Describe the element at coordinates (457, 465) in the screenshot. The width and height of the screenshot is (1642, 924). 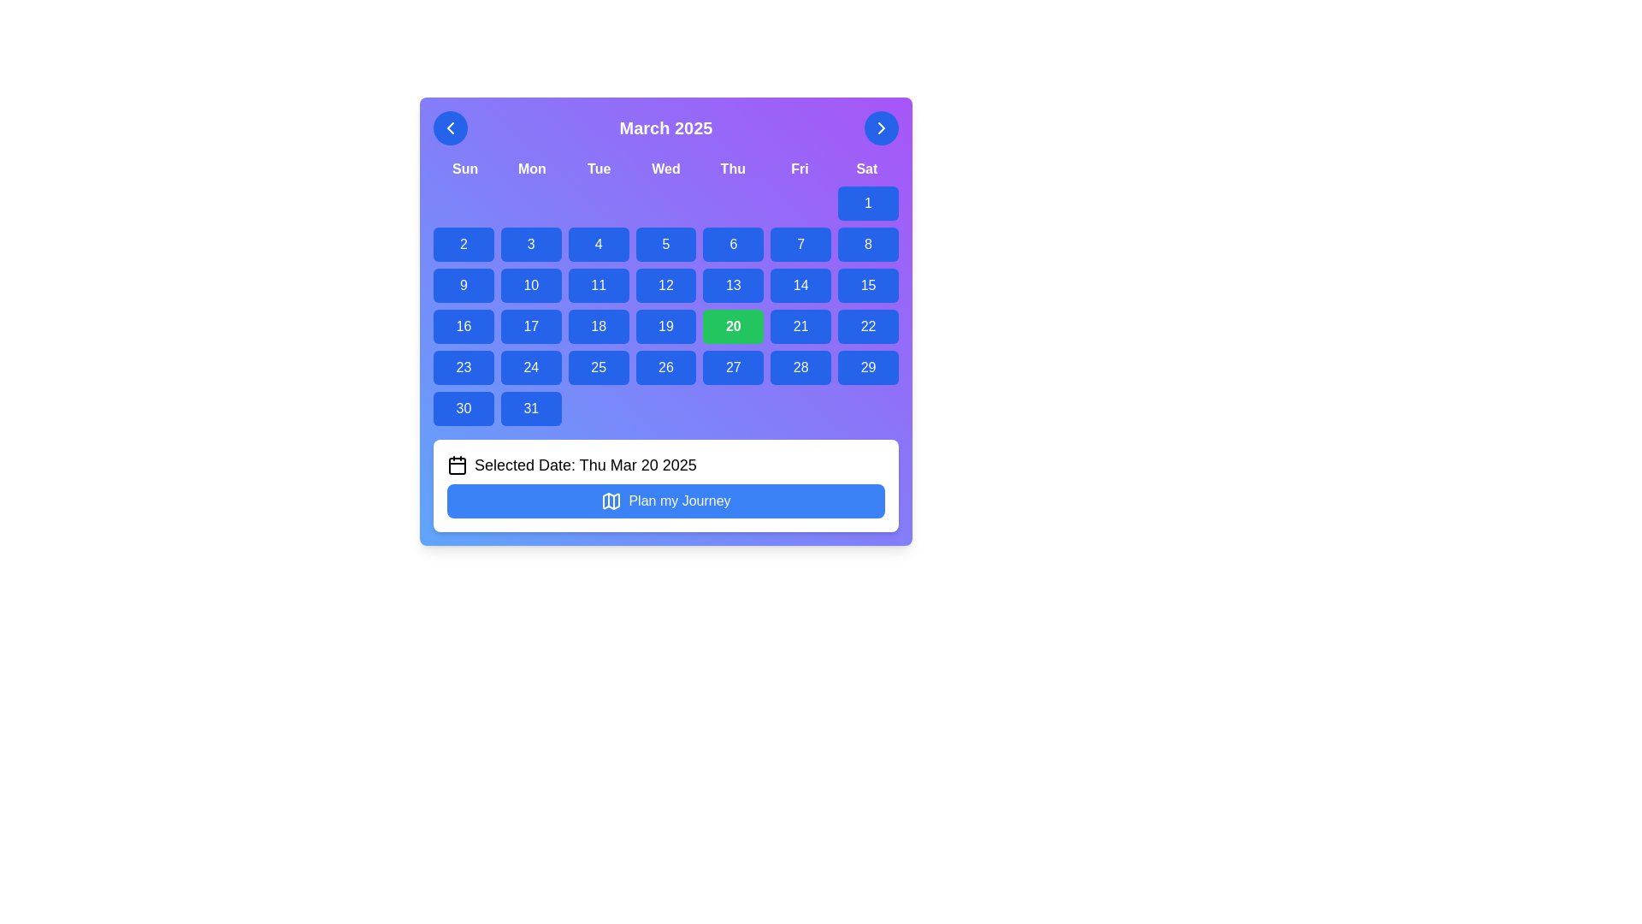
I see `the calendar icon located at the start of the sentence 'Selected Date: Thu Mar 20 2025', which has a black outline and matches the font size of nearby text` at that location.